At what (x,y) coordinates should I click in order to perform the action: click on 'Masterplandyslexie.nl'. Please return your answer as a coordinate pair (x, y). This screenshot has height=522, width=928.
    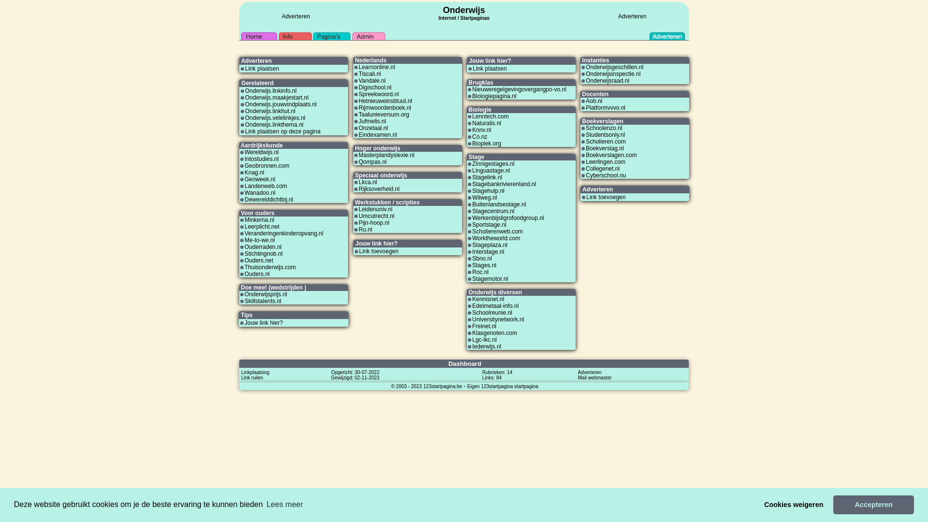
    Looking at the image, I should click on (386, 154).